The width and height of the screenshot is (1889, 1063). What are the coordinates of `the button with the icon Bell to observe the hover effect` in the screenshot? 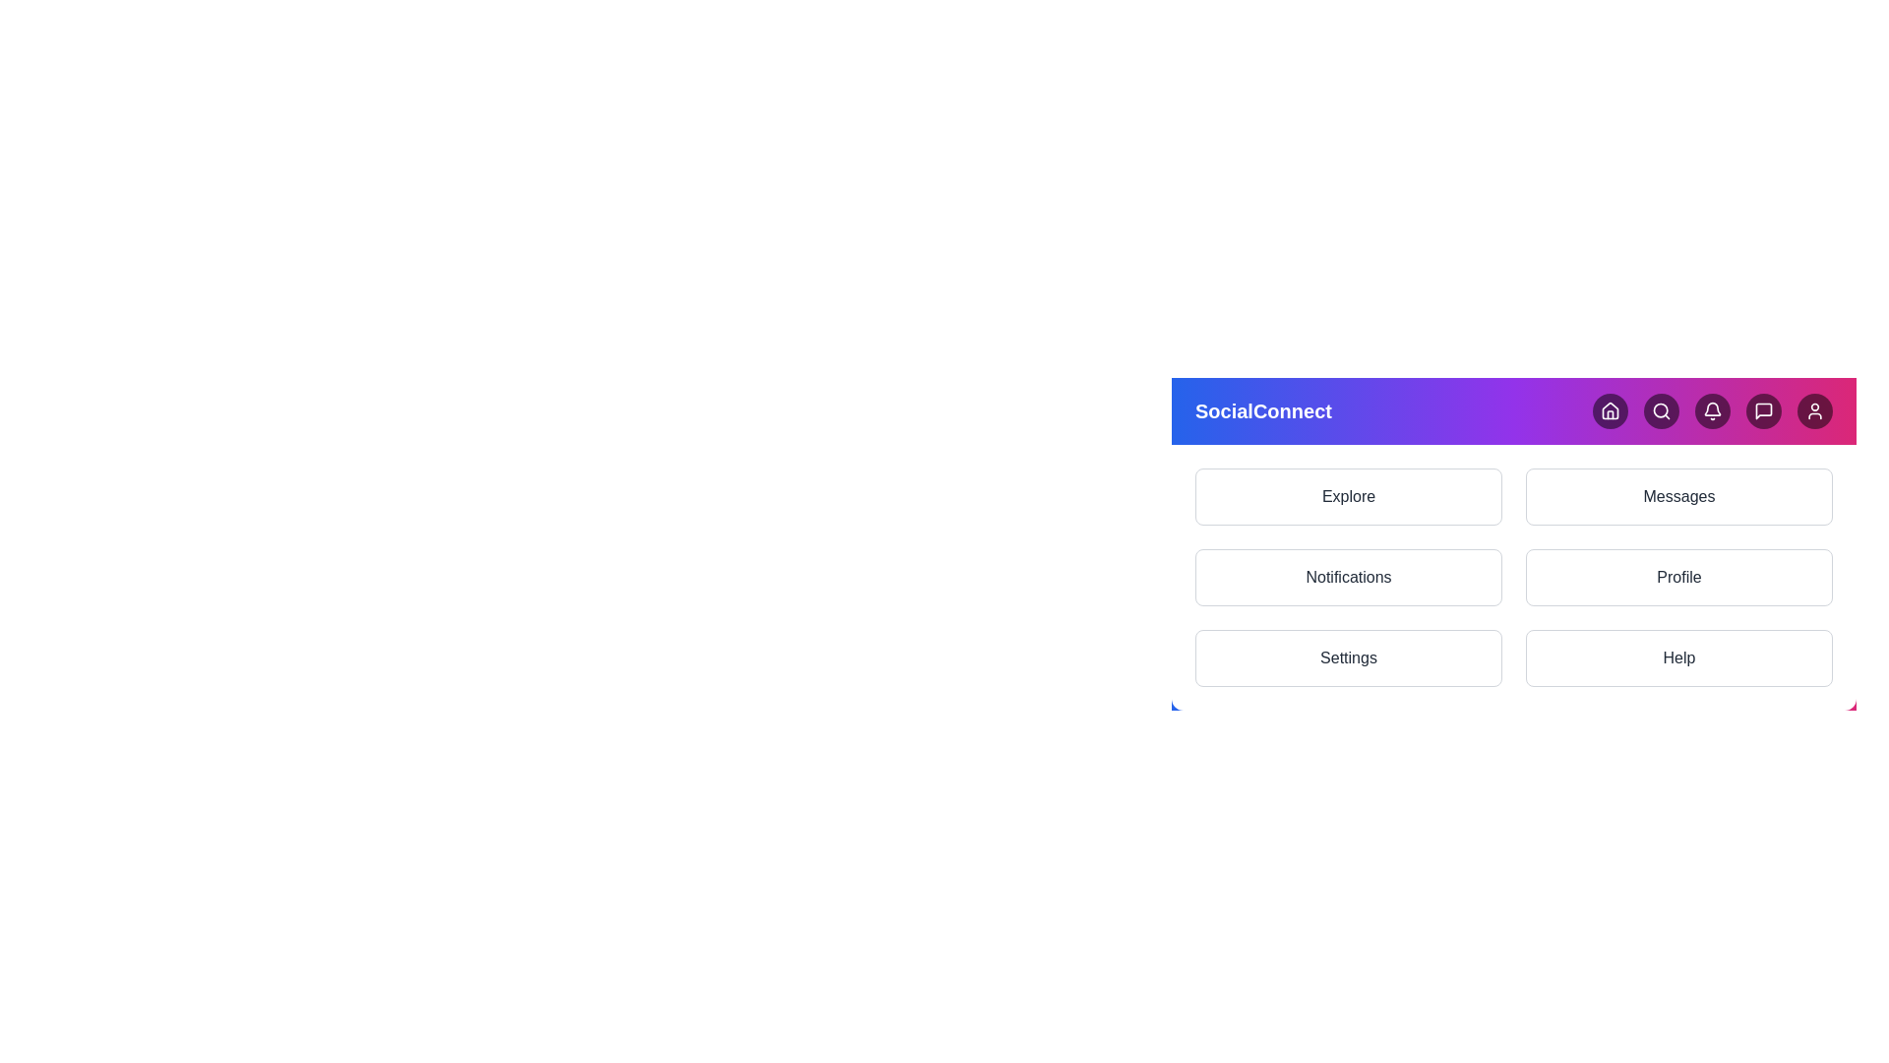 It's located at (1712, 409).